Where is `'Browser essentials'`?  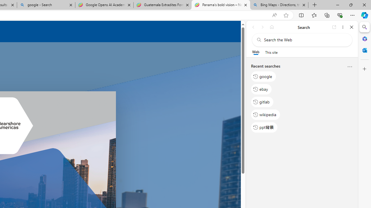 'Browser essentials' is located at coordinates (339, 15).